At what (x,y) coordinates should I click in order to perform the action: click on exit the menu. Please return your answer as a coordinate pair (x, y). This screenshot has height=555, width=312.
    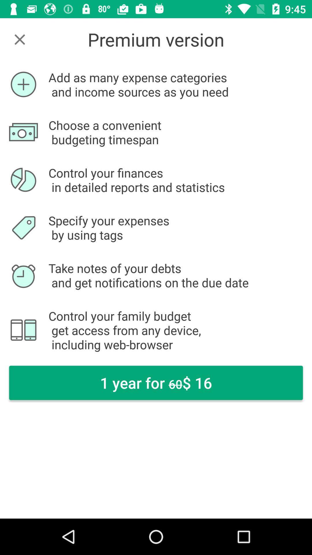
    Looking at the image, I should click on (19, 39).